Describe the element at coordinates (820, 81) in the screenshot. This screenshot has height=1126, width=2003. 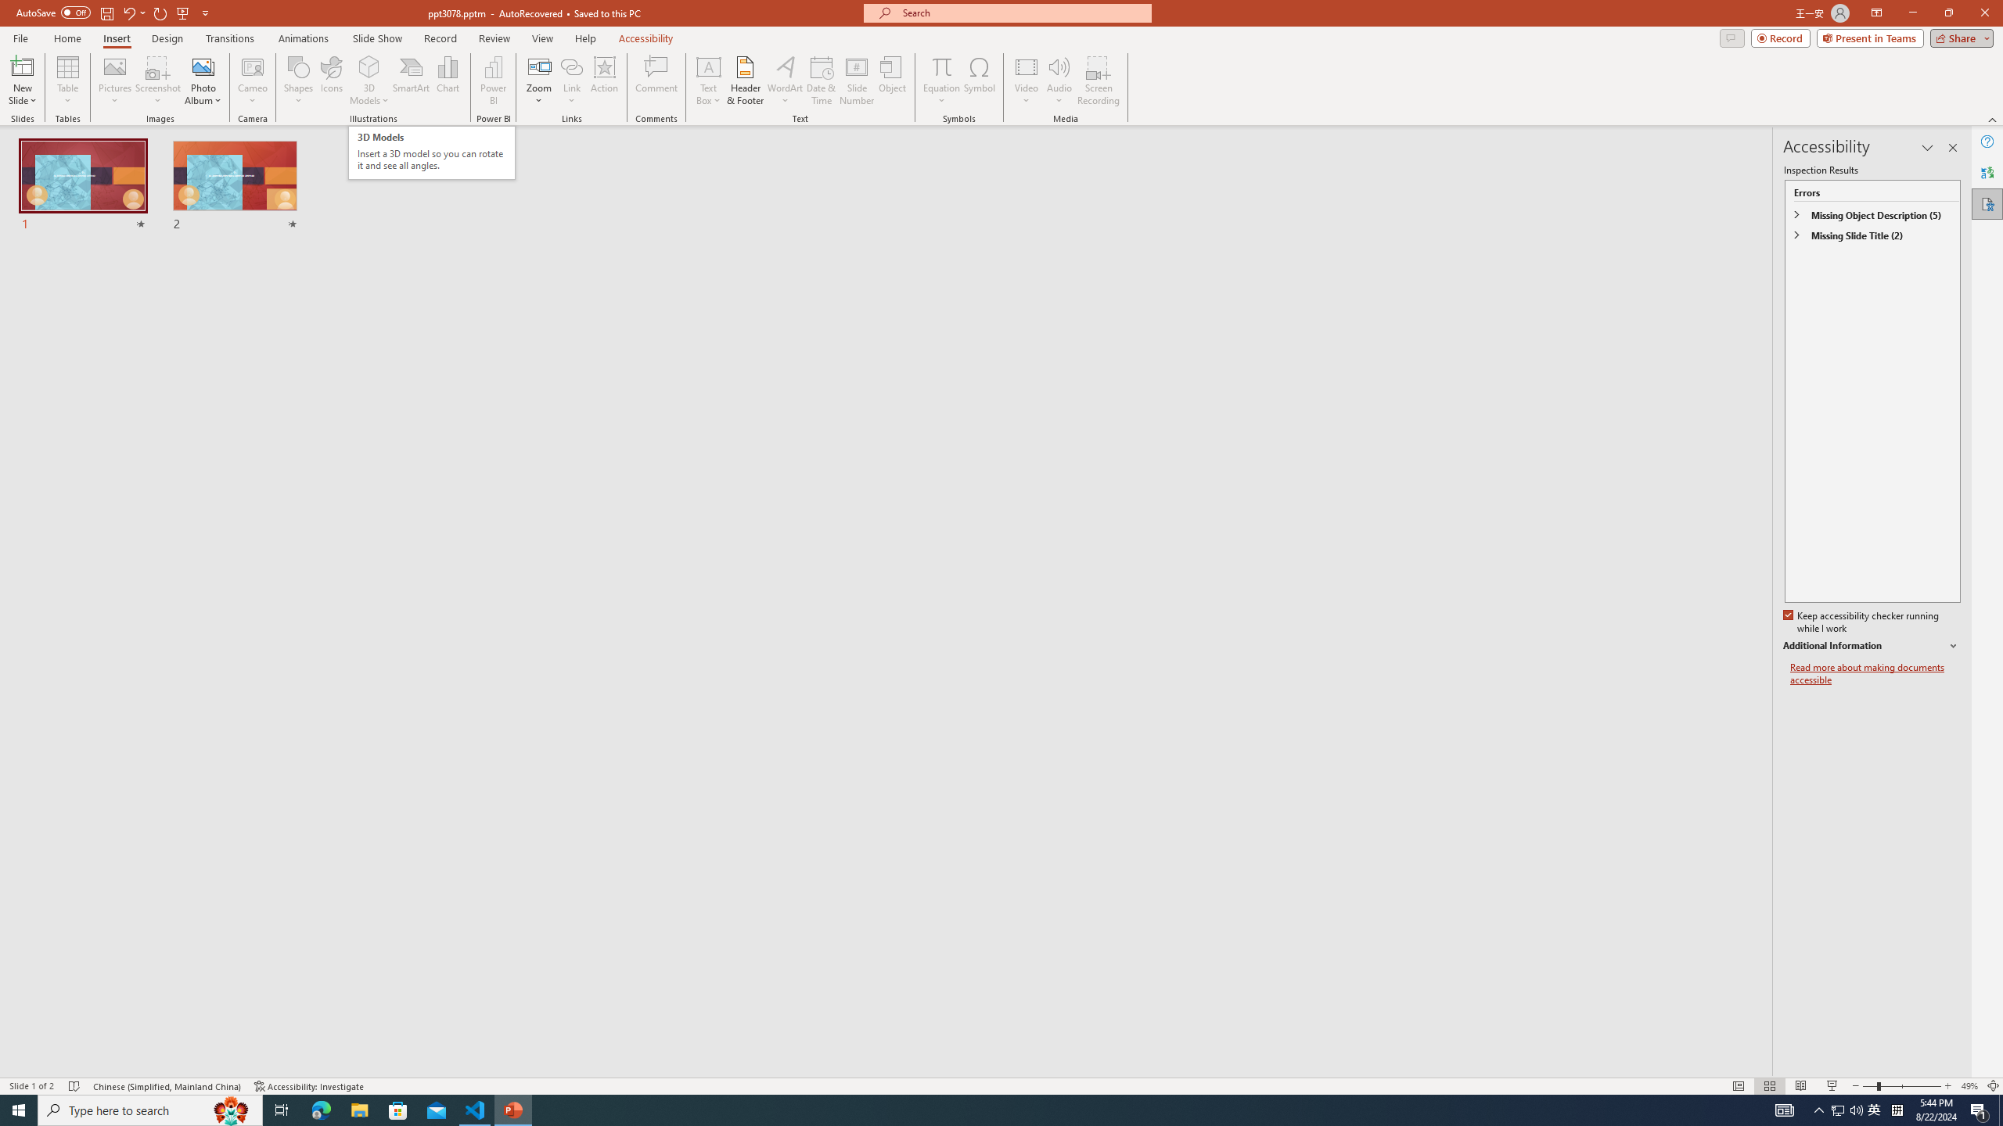
I see `'Date & Time...'` at that location.